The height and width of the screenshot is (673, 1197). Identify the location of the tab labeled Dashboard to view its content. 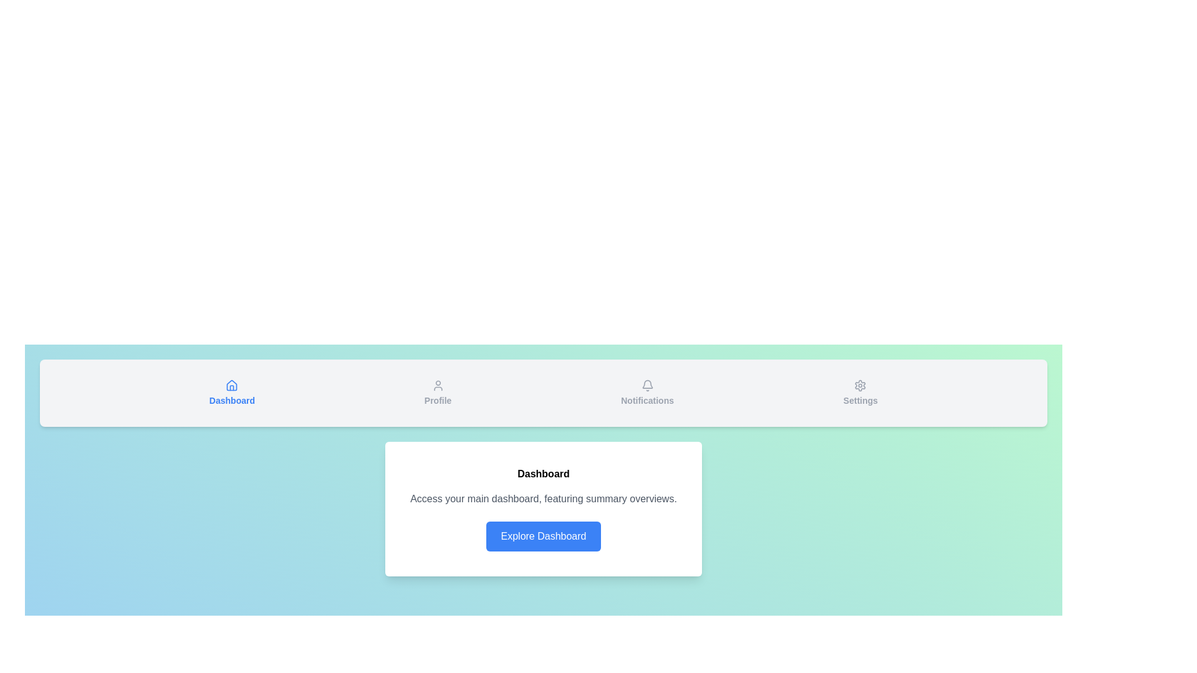
(232, 393).